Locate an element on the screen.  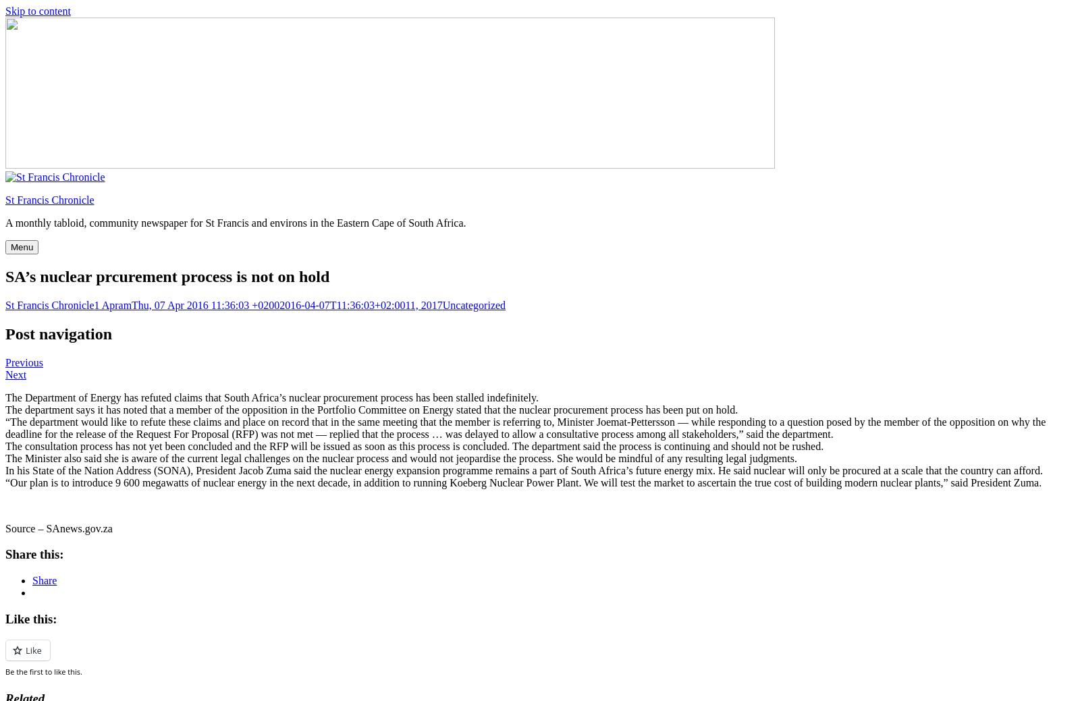
'Post navigation' is located at coordinates (58, 333).